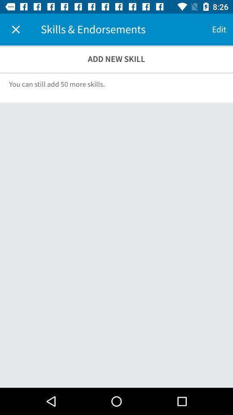 This screenshot has width=233, height=415. Describe the element at coordinates (16, 29) in the screenshot. I see `the item above add new skill icon` at that location.